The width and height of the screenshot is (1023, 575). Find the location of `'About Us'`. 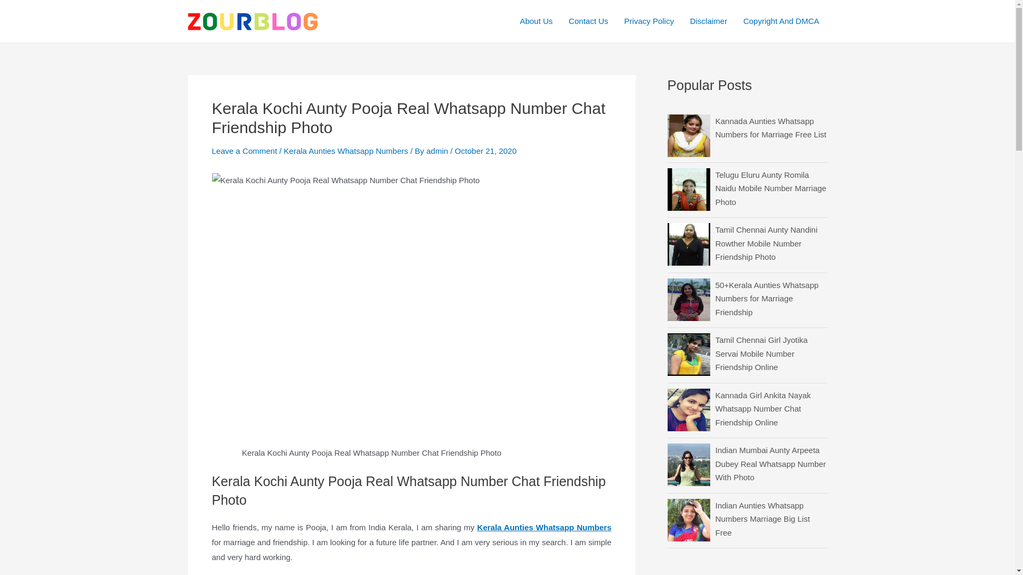

'About Us' is located at coordinates (537, 21).